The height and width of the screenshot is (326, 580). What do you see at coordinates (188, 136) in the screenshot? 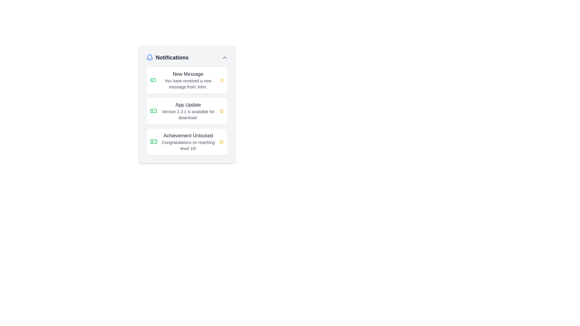
I see `the 'Achievement Unlocked' text label, which is the title of the third notification entry in the list` at bounding box center [188, 136].